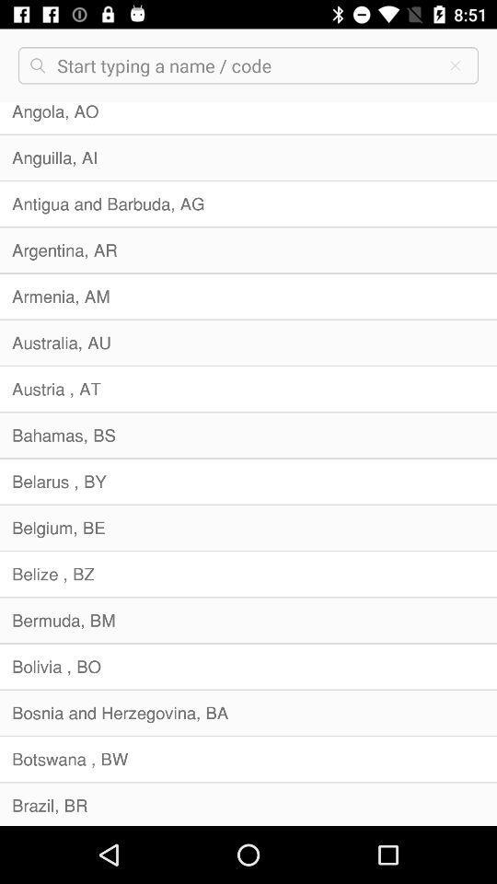  What do you see at coordinates (248, 620) in the screenshot?
I see `bermuda, bm` at bounding box center [248, 620].